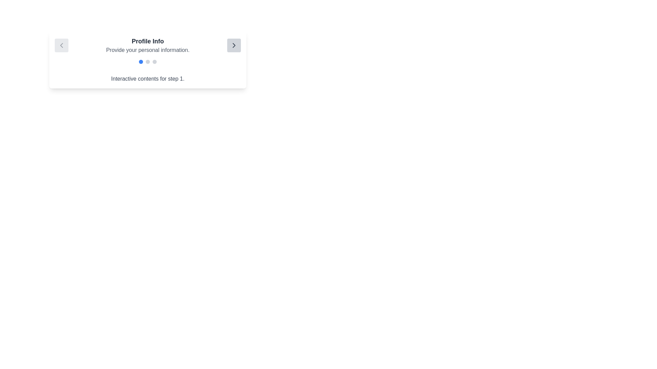 Image resolution: width=657 pixels, height=369 pixels. What do you see at coordinates (62, 45) in the screenshot?
I see `the navigation button located at the top-left corner of the panel` at bounding box center [62, 45].